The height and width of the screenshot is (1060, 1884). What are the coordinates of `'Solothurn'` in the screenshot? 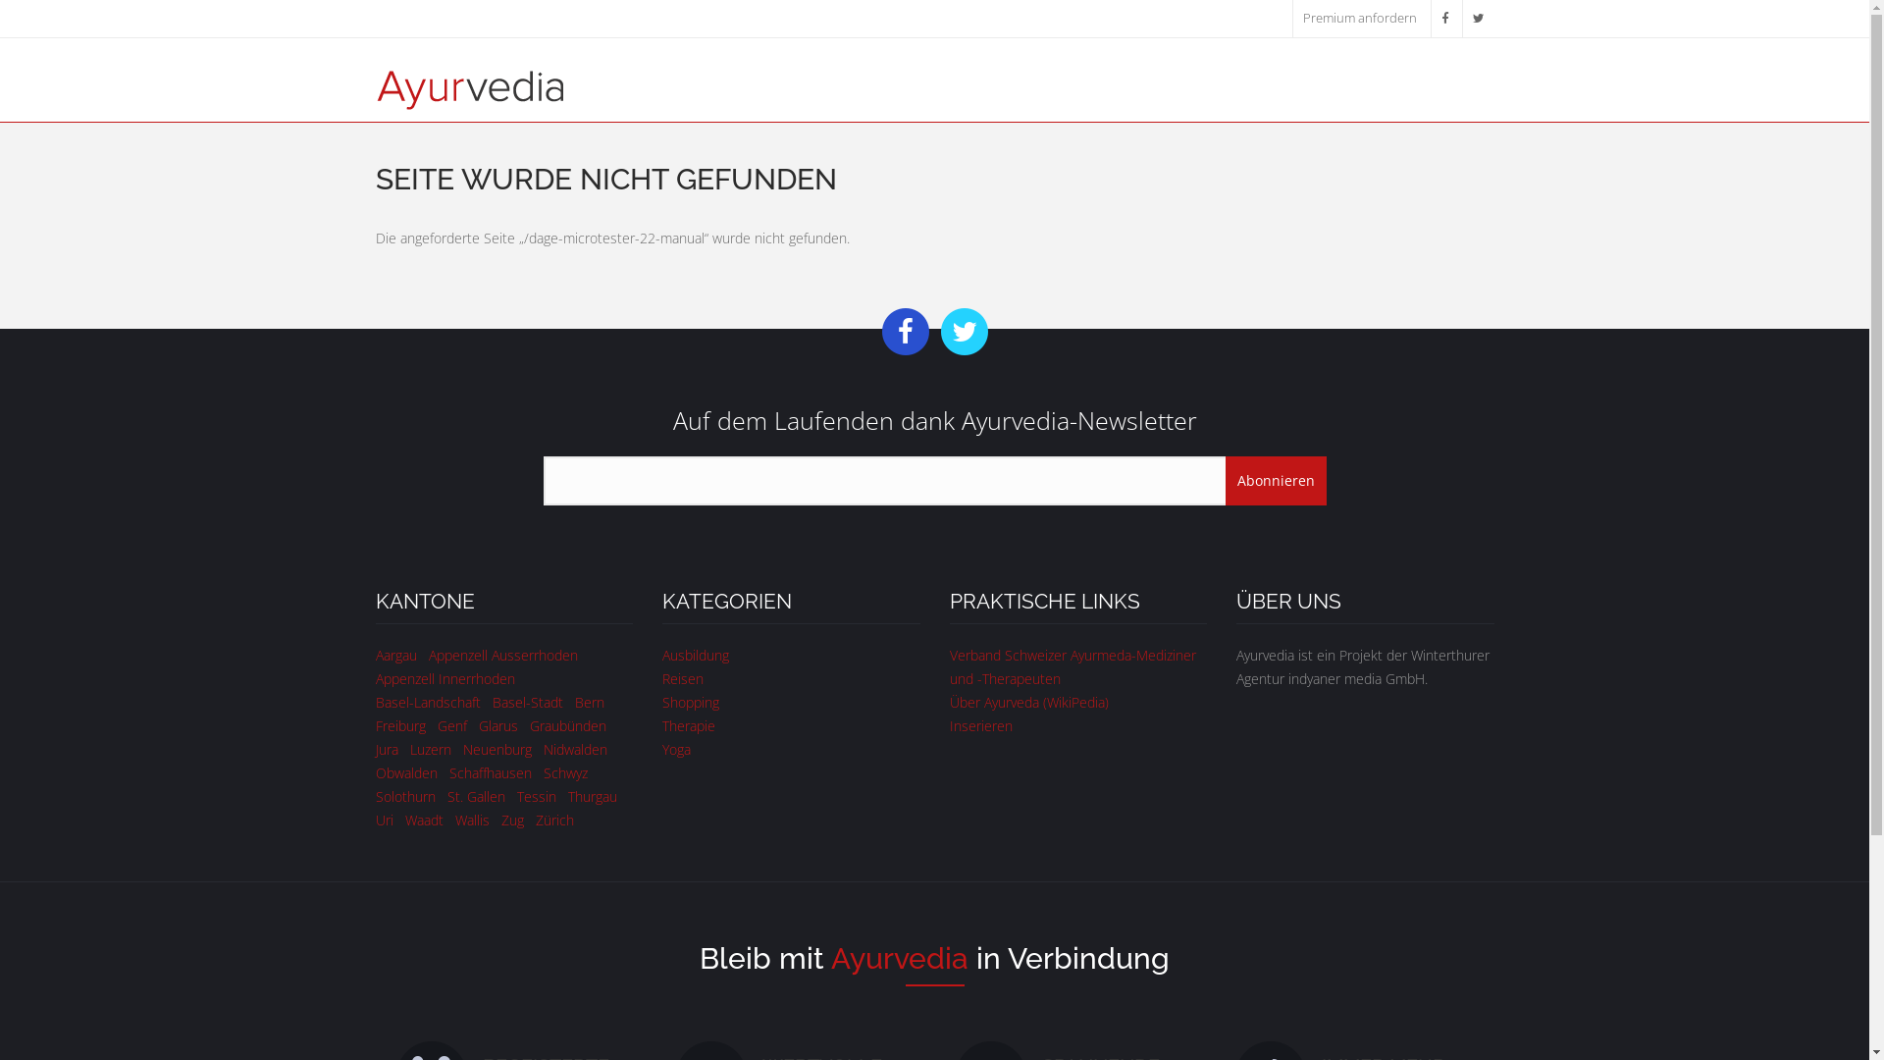 It's located at (403, 796).